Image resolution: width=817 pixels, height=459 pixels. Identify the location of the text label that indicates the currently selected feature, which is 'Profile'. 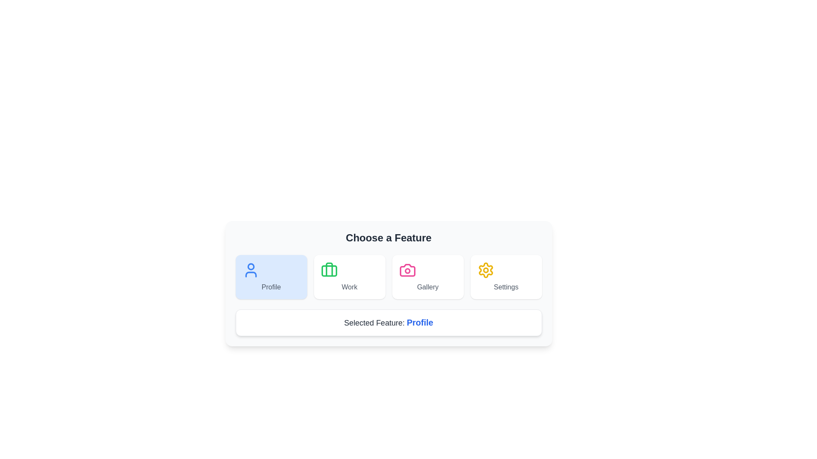
(420, 323).